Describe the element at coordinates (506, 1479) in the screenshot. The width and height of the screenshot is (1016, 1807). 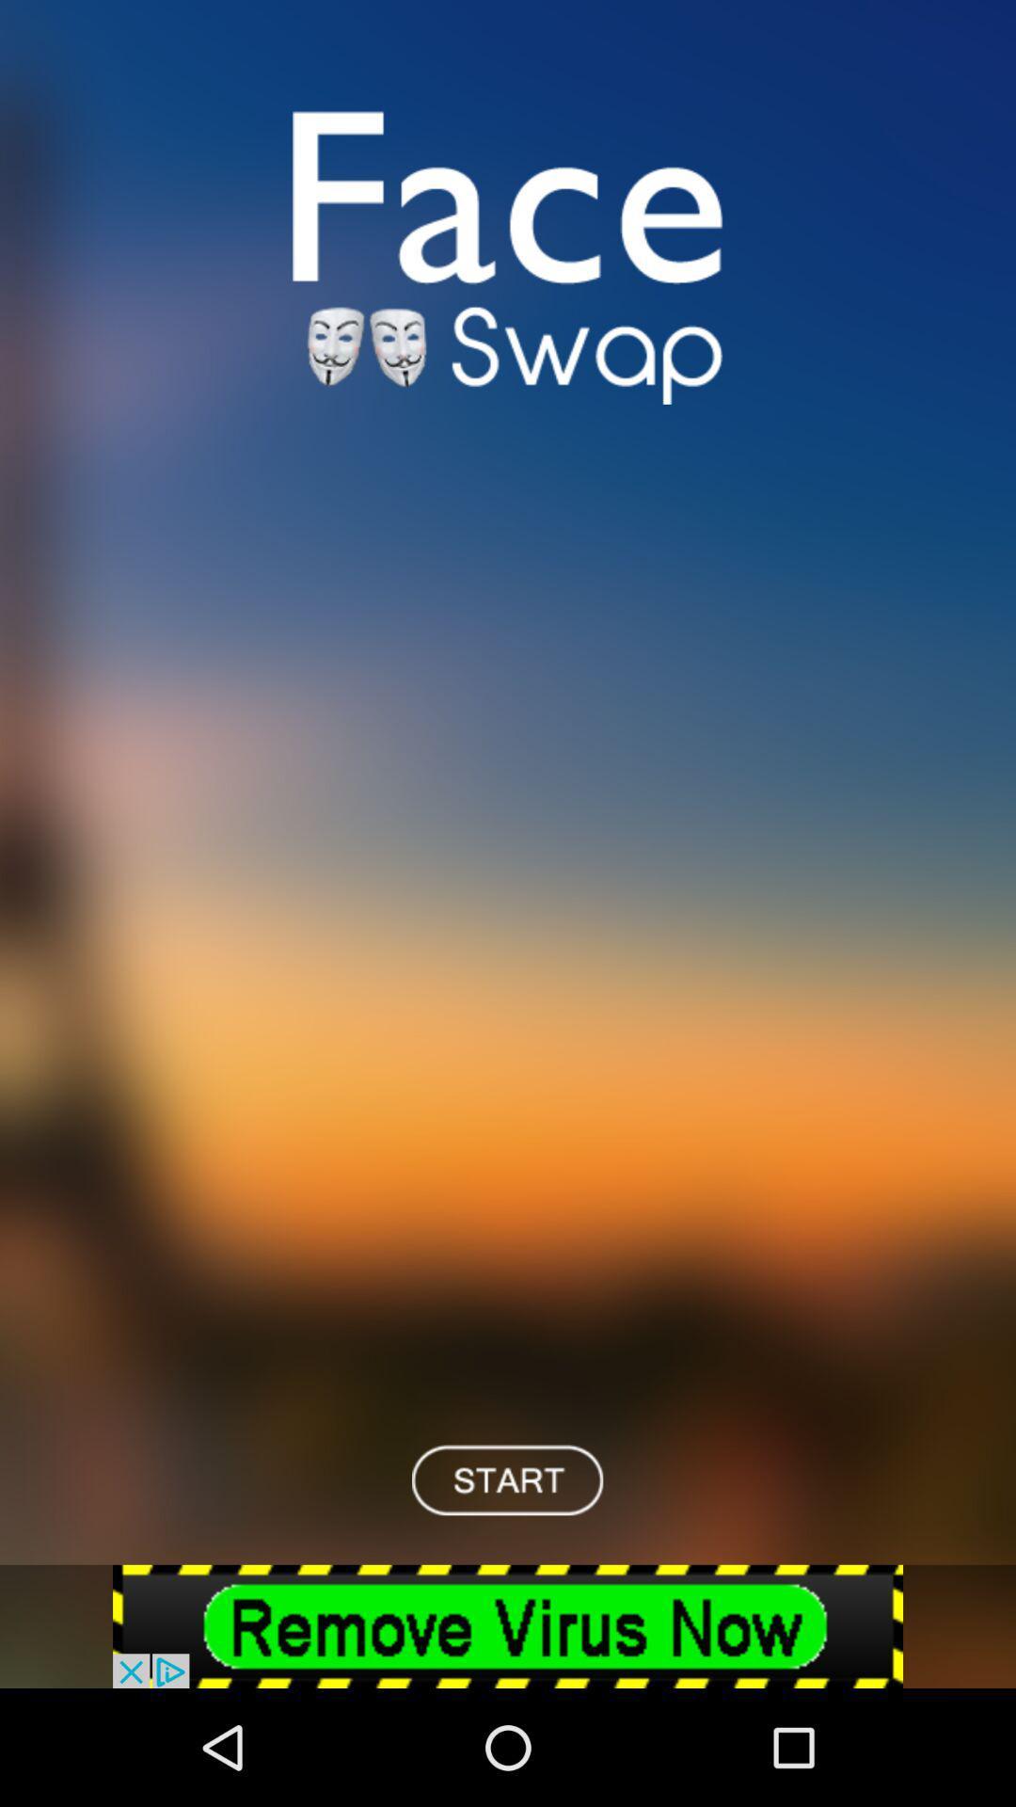
I see `play` at that location.